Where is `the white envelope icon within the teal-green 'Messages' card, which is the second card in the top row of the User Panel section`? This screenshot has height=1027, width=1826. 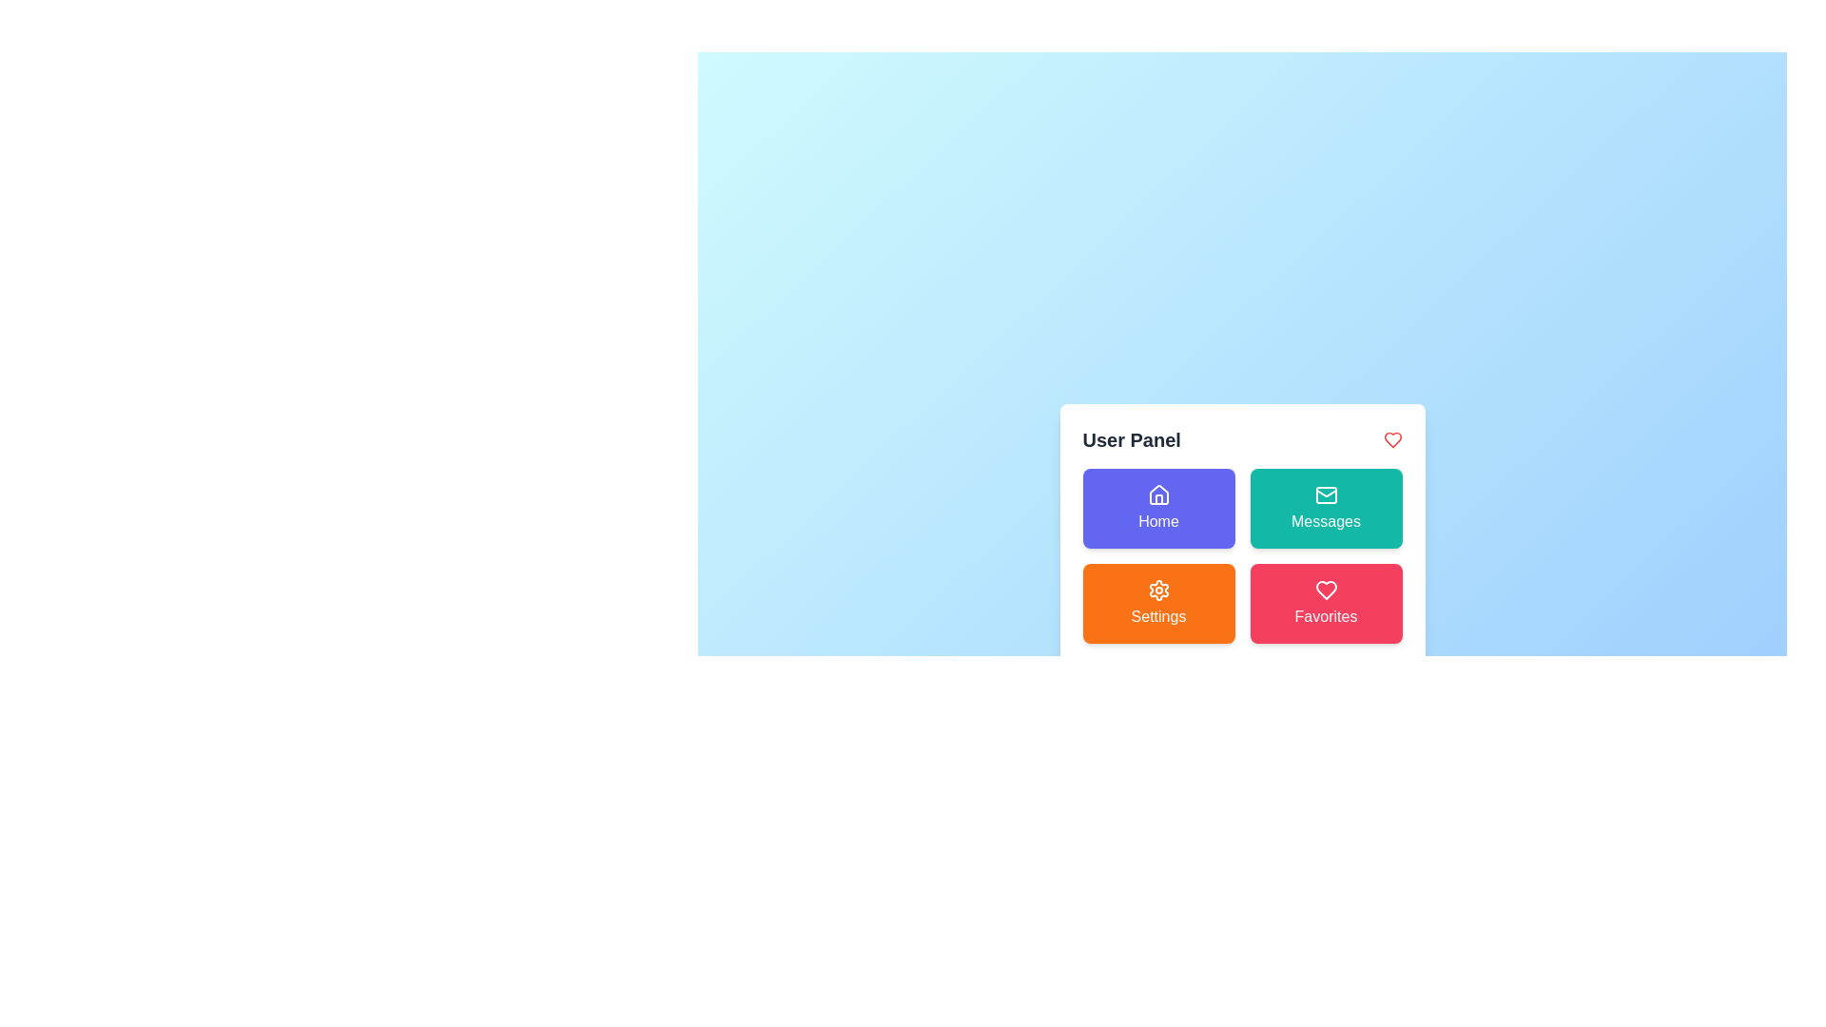
the white envelope icon within the teal-green 'Messages' card, which is the second card in the top row of the User Panel section is located at coordinates (1325, 494).